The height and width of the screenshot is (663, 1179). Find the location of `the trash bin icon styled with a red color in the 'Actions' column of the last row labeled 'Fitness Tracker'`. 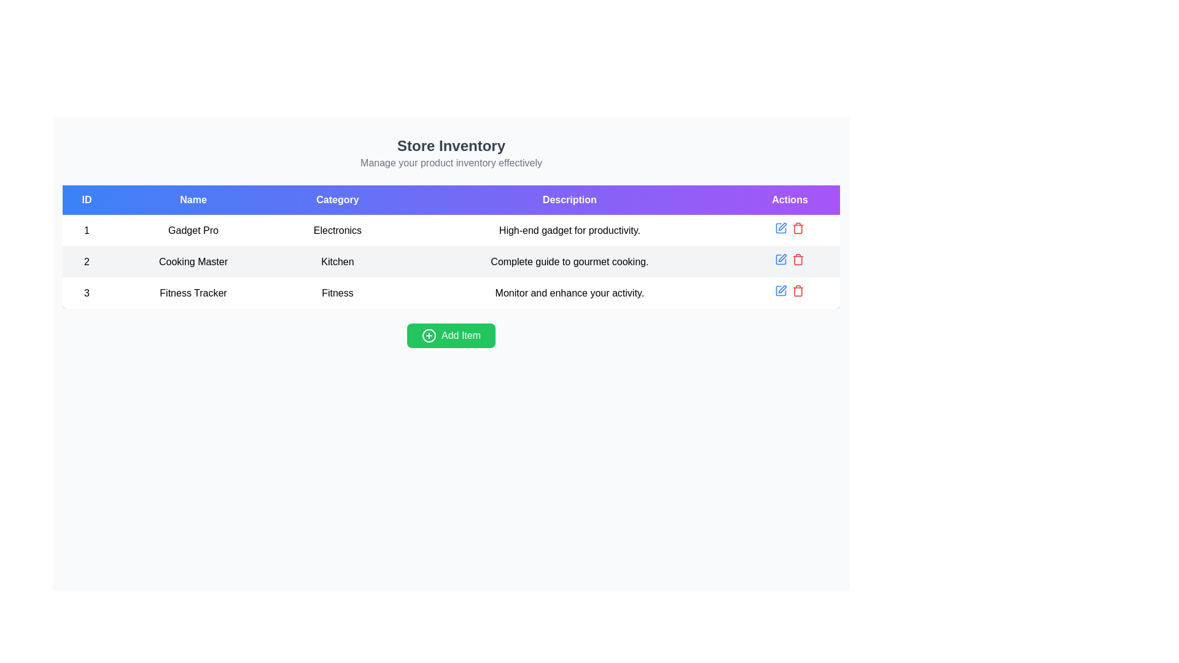

the trash bin icon styled with a red color in the 'Actions' column of the last row labeled 'Fitness Tracker' is located at coordinates (798, 291).